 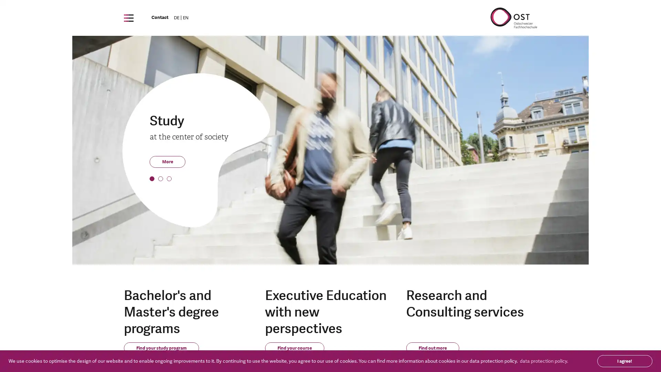 What do you see at coordinates (162, 180) in the screenshot?
I see `2` at bounding box center [162, 180].